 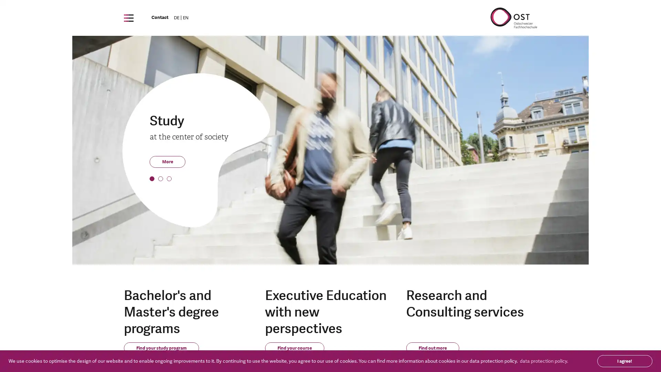 What do you see at coordinates (162, 180) in the screenshot?
I see `2` at bounding box center [162, 180].